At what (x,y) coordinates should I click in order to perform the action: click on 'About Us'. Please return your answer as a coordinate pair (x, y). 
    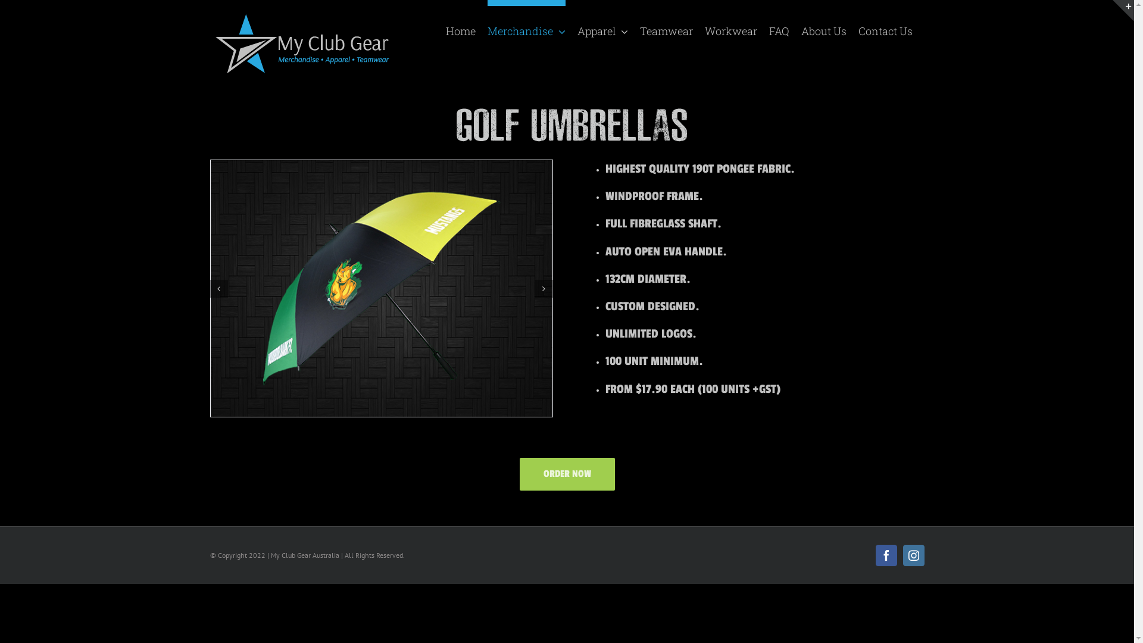
    Looking at the image, I should click on (823, 27).